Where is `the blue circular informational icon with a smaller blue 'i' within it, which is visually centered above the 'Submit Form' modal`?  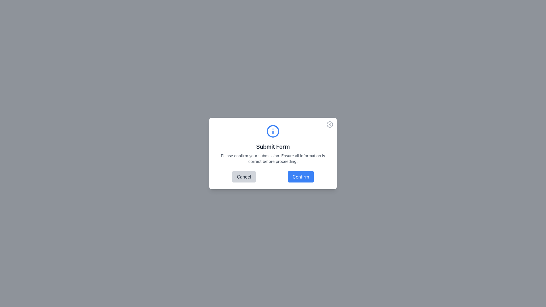
the blue circular informational icon with a smaller blue 'i' within it, which is visually centered above the 'Submit Form' modal is located at coordinates (273, 131).